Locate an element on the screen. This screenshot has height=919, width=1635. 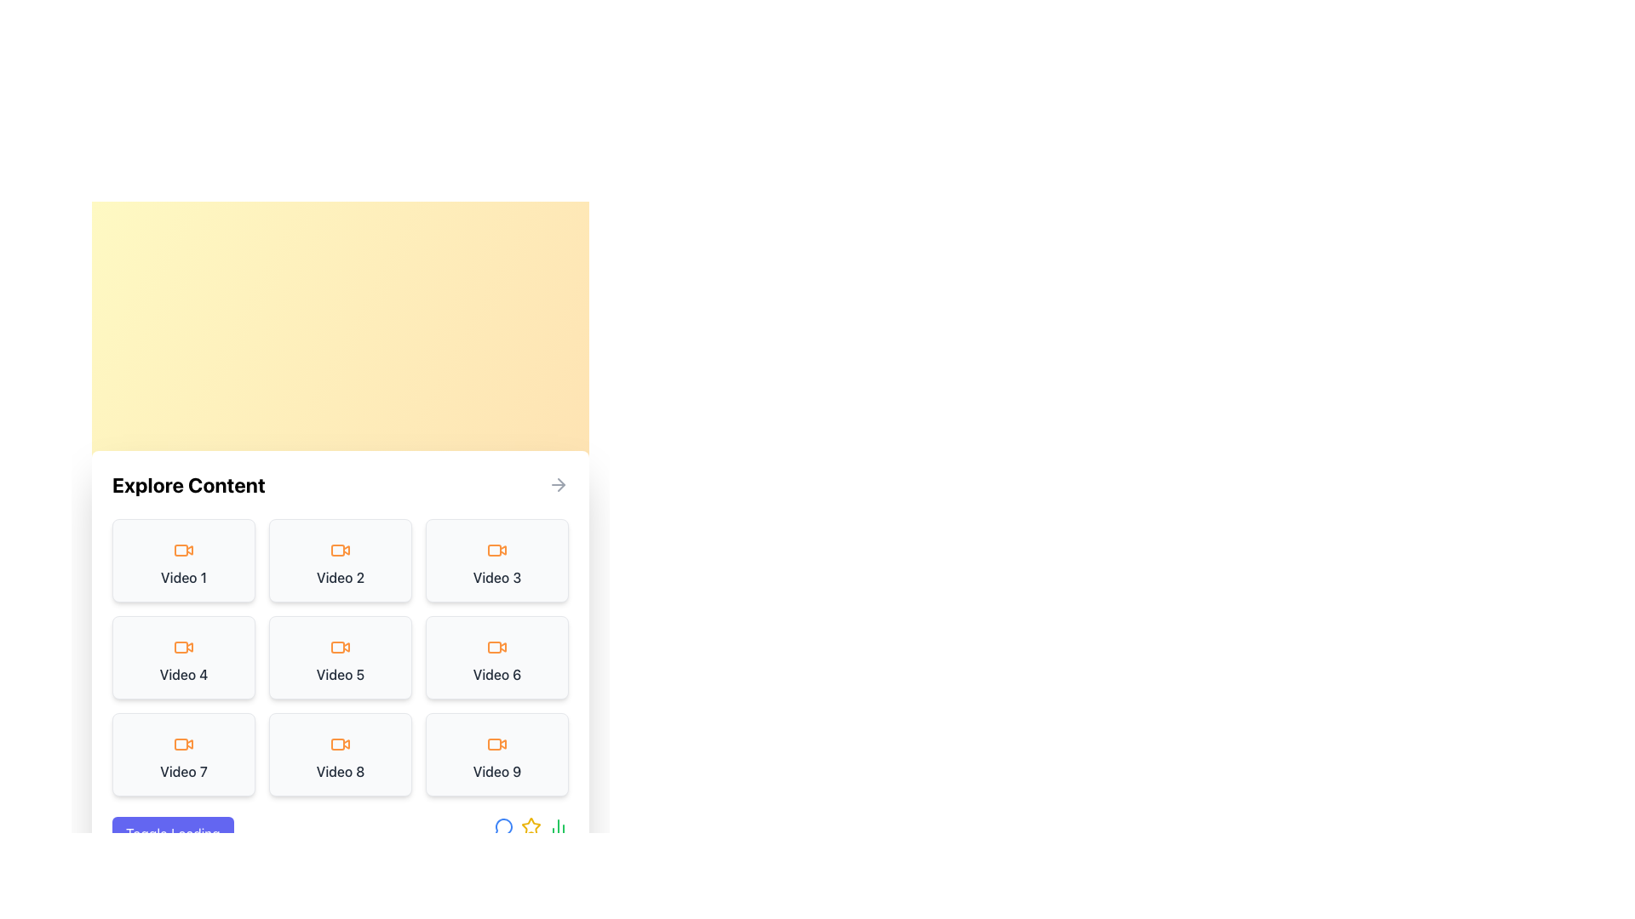
the SVG icon that indicates a video element associated with the label 'Video 7', positioned in the leftmost column of the third row in a 3x3 grid layout is located at coordinates (184, 744).